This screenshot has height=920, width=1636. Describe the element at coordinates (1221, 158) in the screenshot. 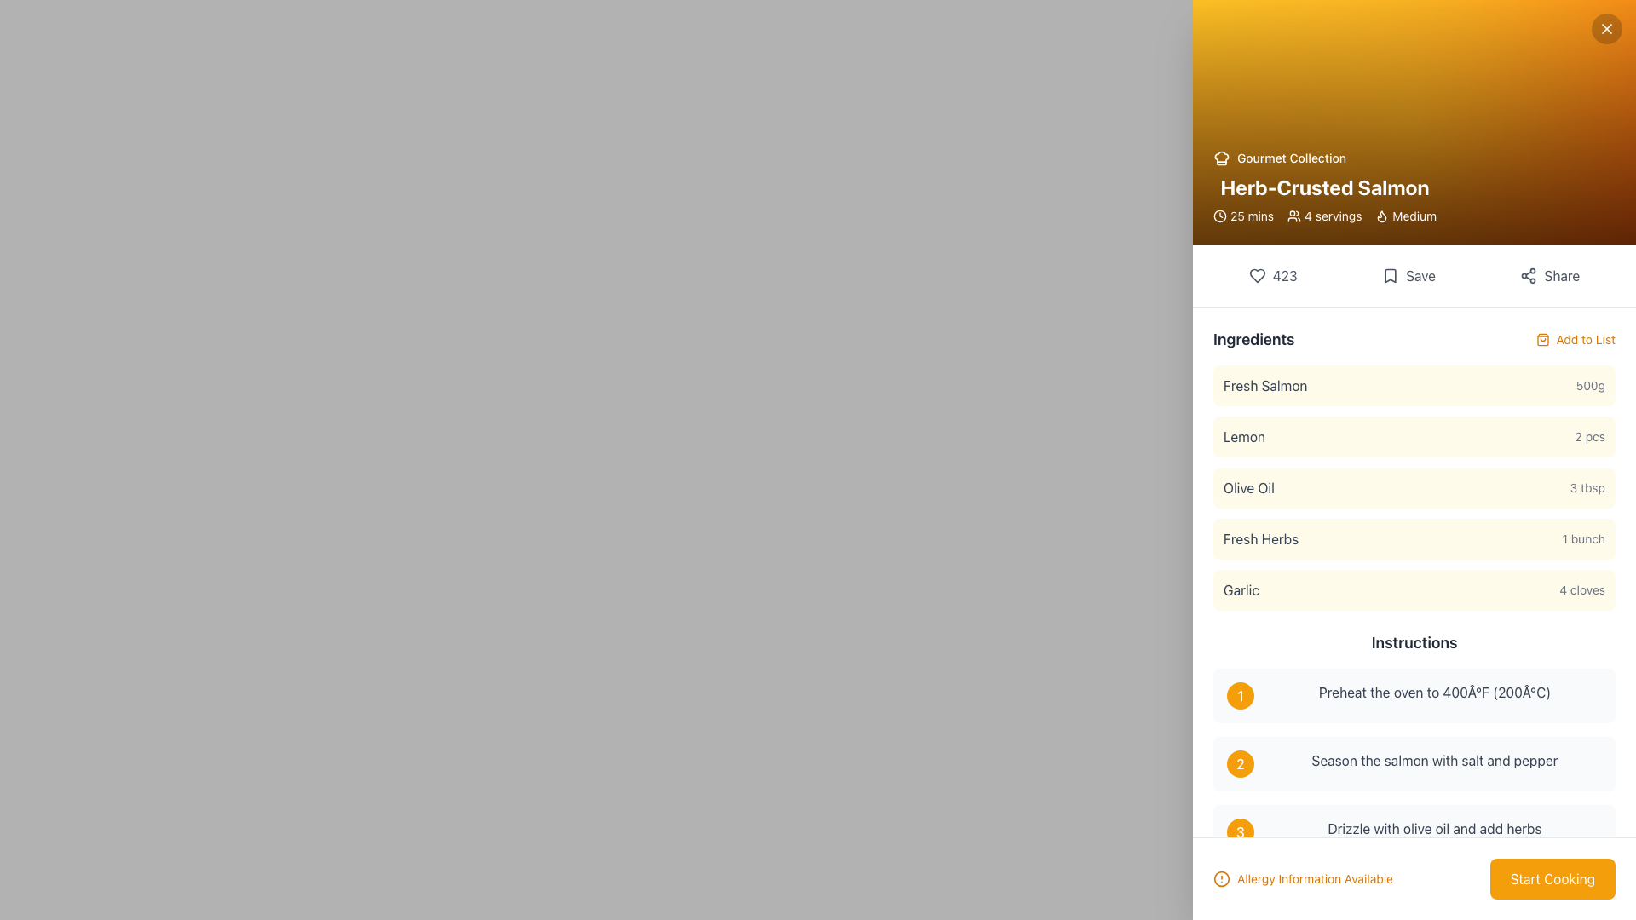

I see `the chef hat icon, which is a decorative element styled as a line drawing, located to the left of the 'Gourmet Collection' text in the header section` at that location.